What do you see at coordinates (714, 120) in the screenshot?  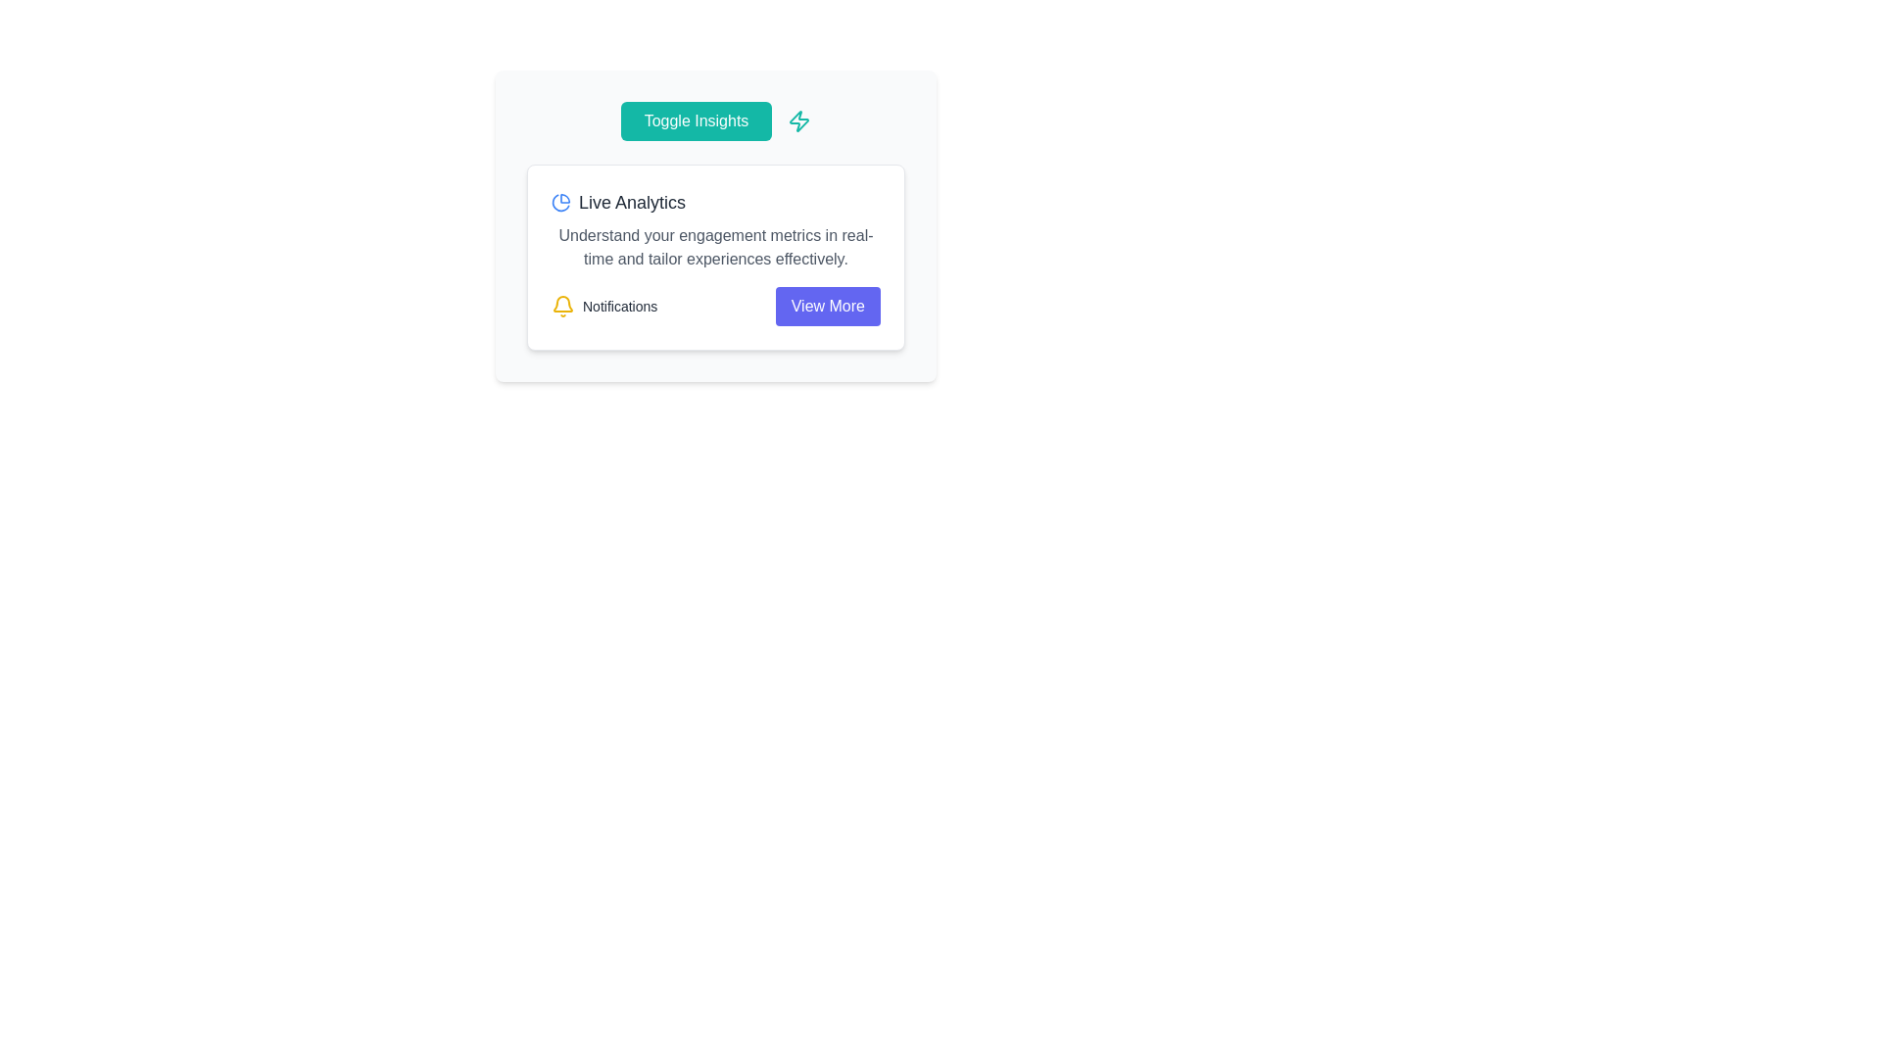 I see `the toggle button at the top of the card-like section to switch the visibility or functionality of related analytics features` at bounding box center [714, 120].